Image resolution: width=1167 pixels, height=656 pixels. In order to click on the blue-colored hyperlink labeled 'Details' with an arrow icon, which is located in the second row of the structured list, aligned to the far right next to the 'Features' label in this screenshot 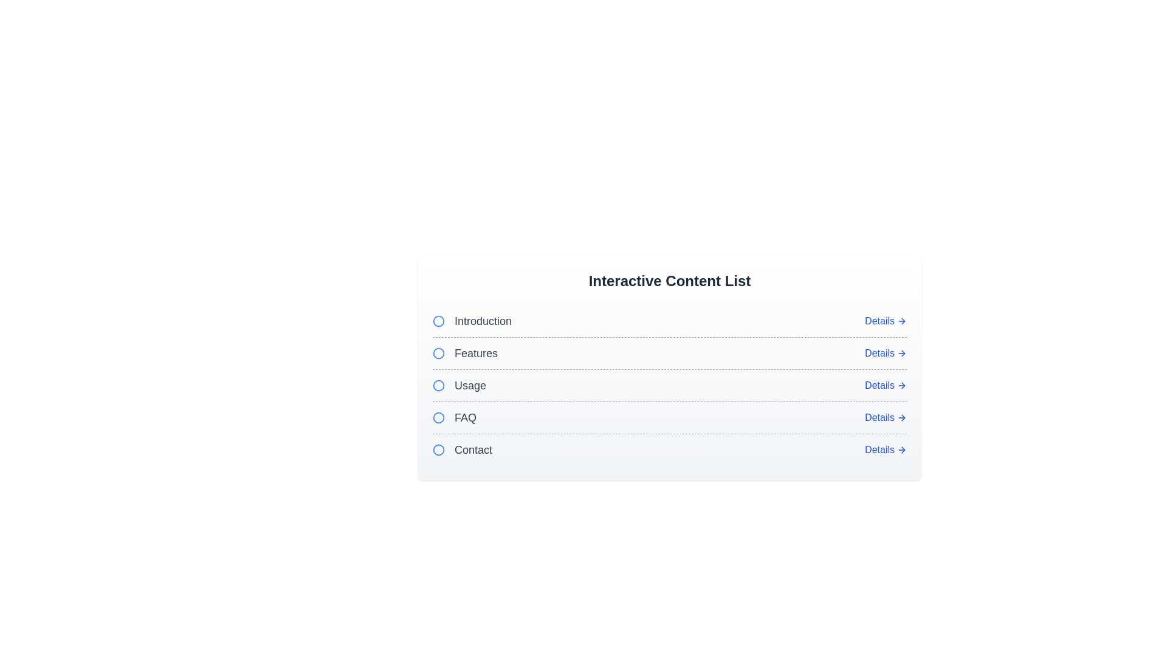, I will do `click(886, 354)`.